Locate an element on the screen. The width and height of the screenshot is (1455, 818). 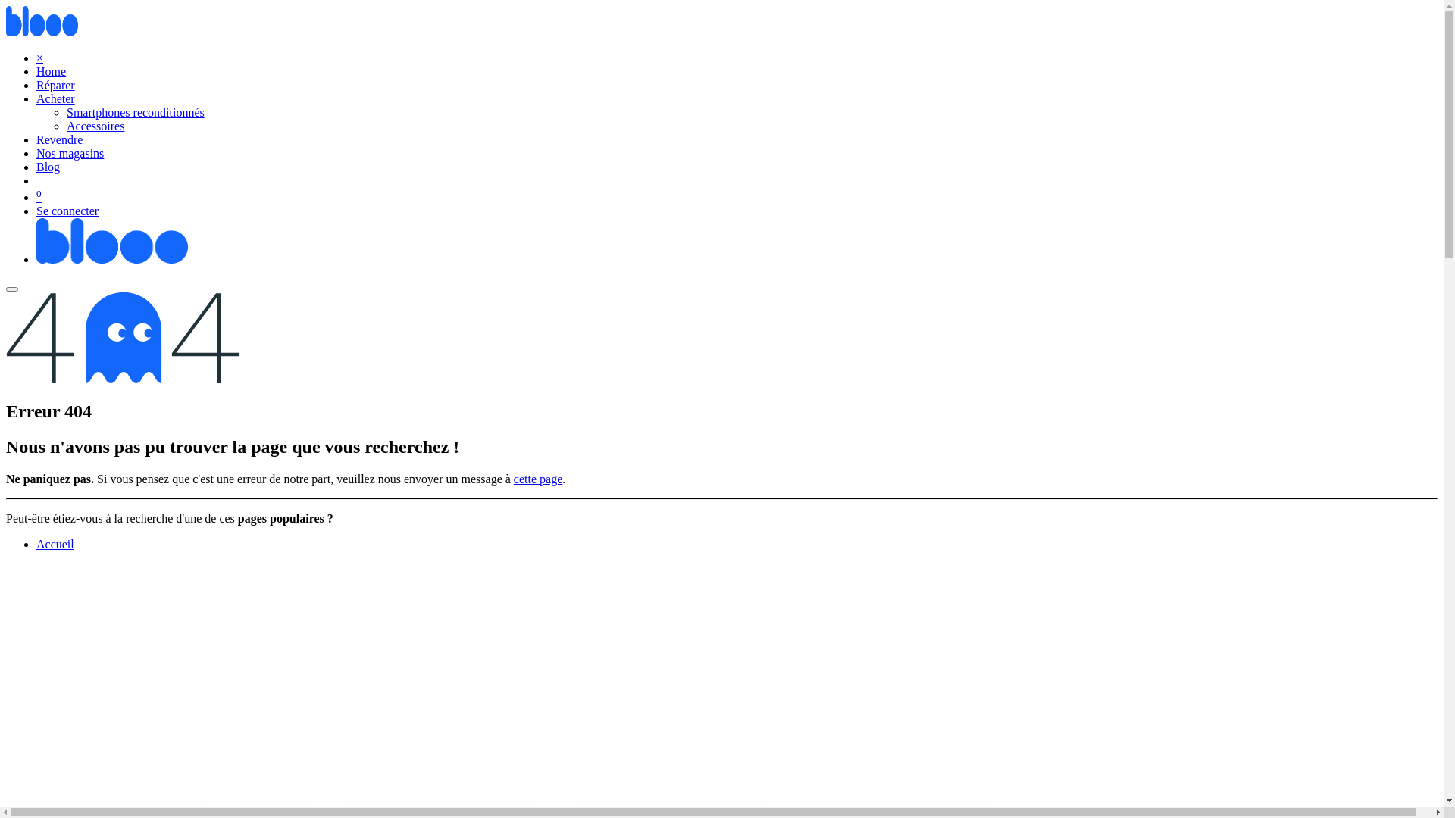
'Se connecter' is located at coordinates (67, 211).